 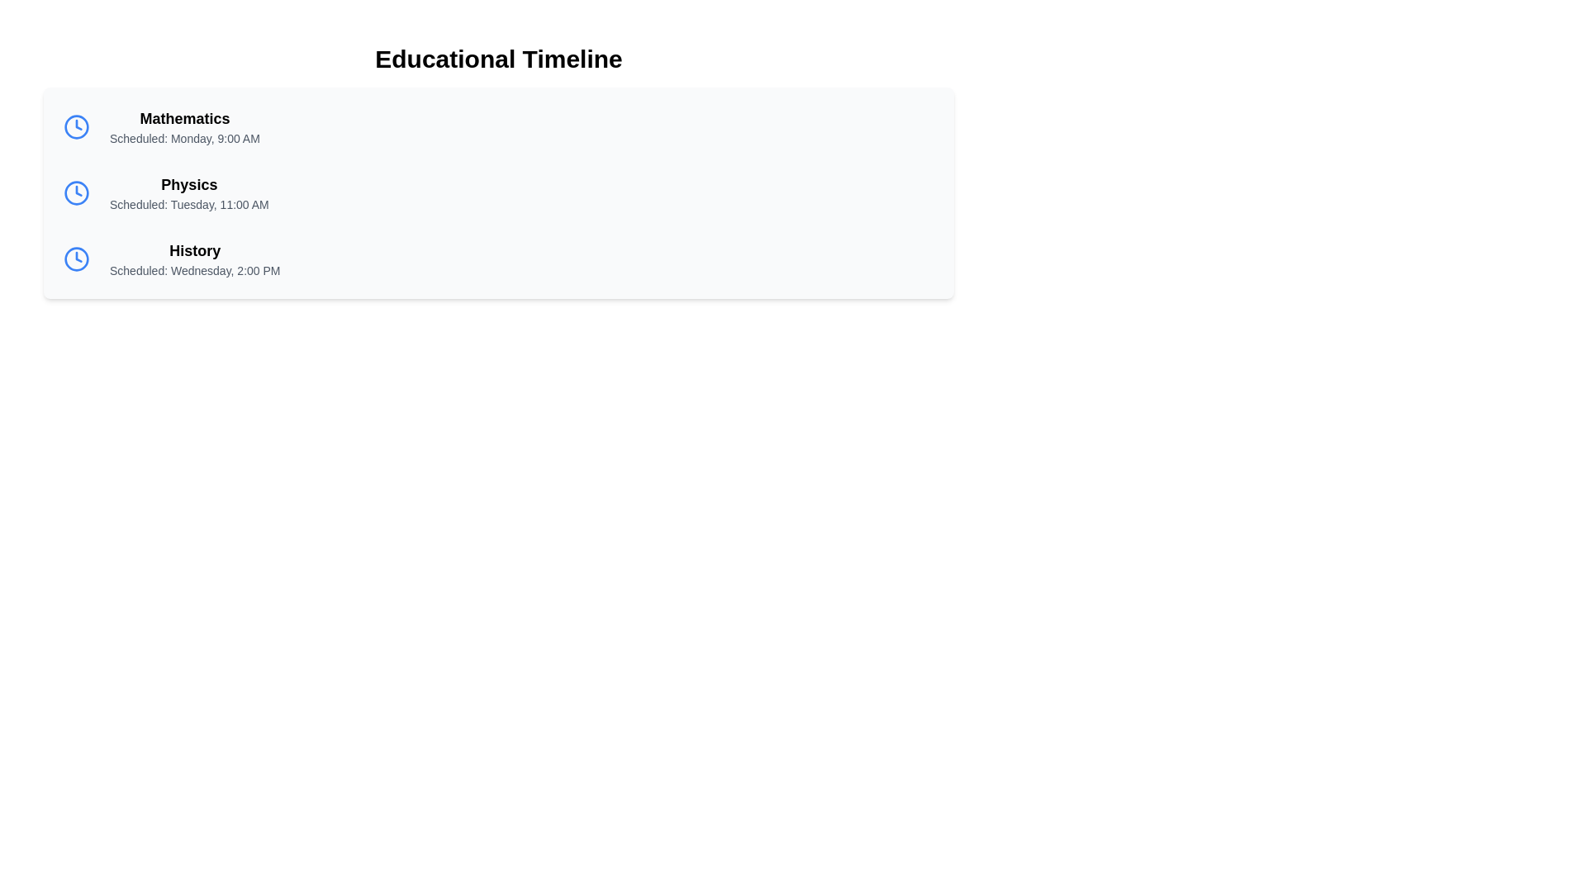 What do you see at coordinates (75, 192) in the screenshot?
I see `the time-related concept icon located in the second row of the timeline adjacent to the 'Physics' text entry` at bounding box center [75, 192].